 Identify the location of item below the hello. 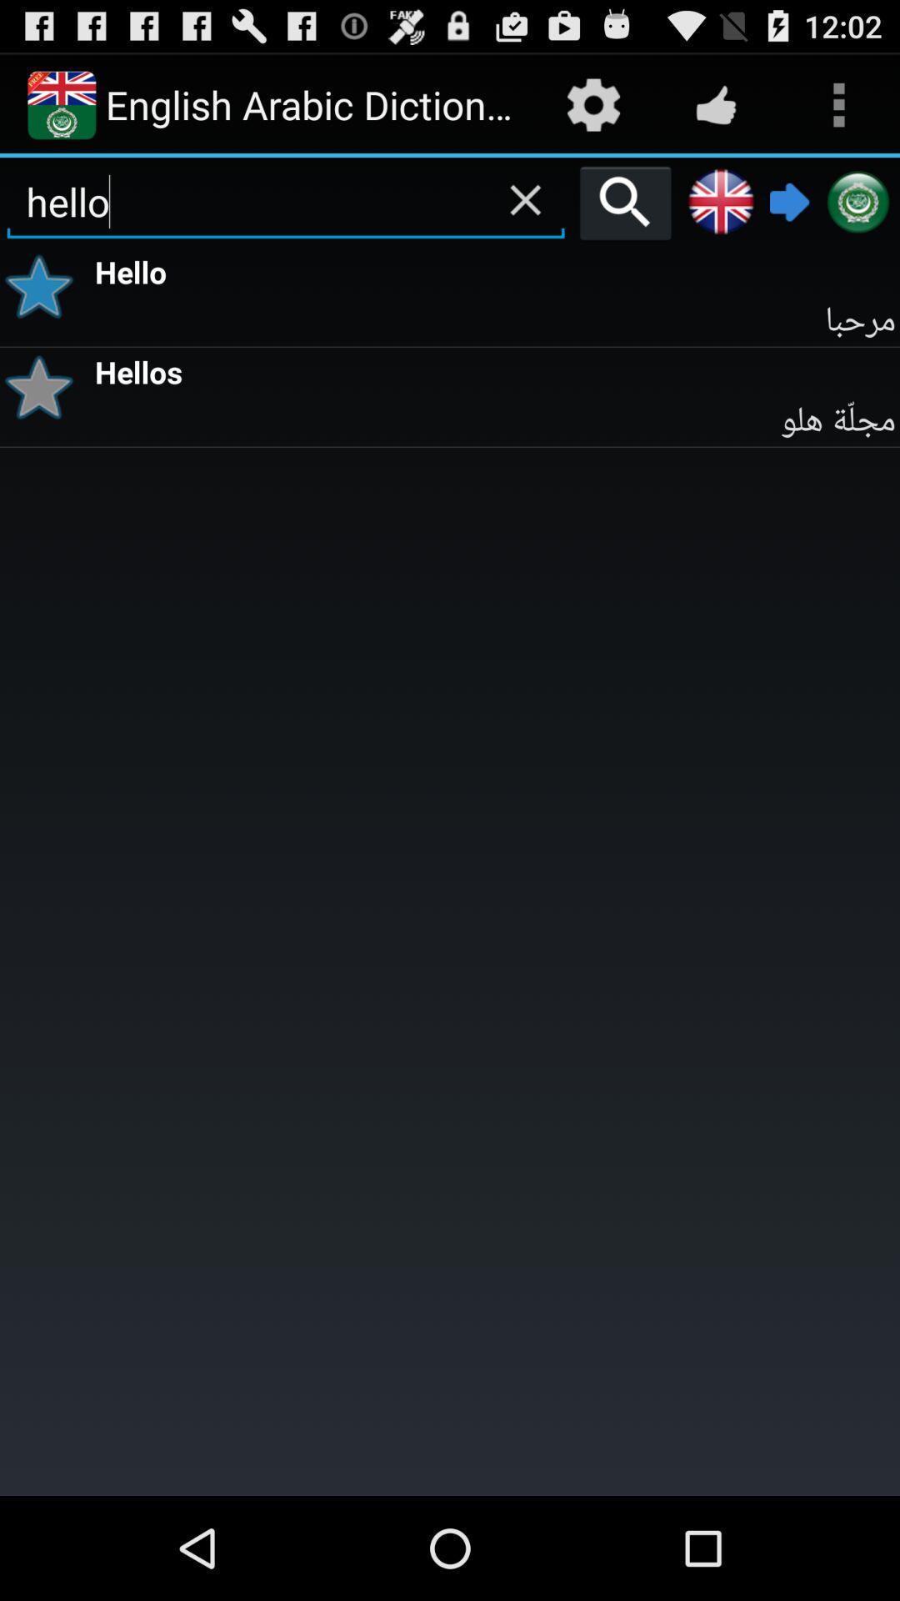
(44, 287).